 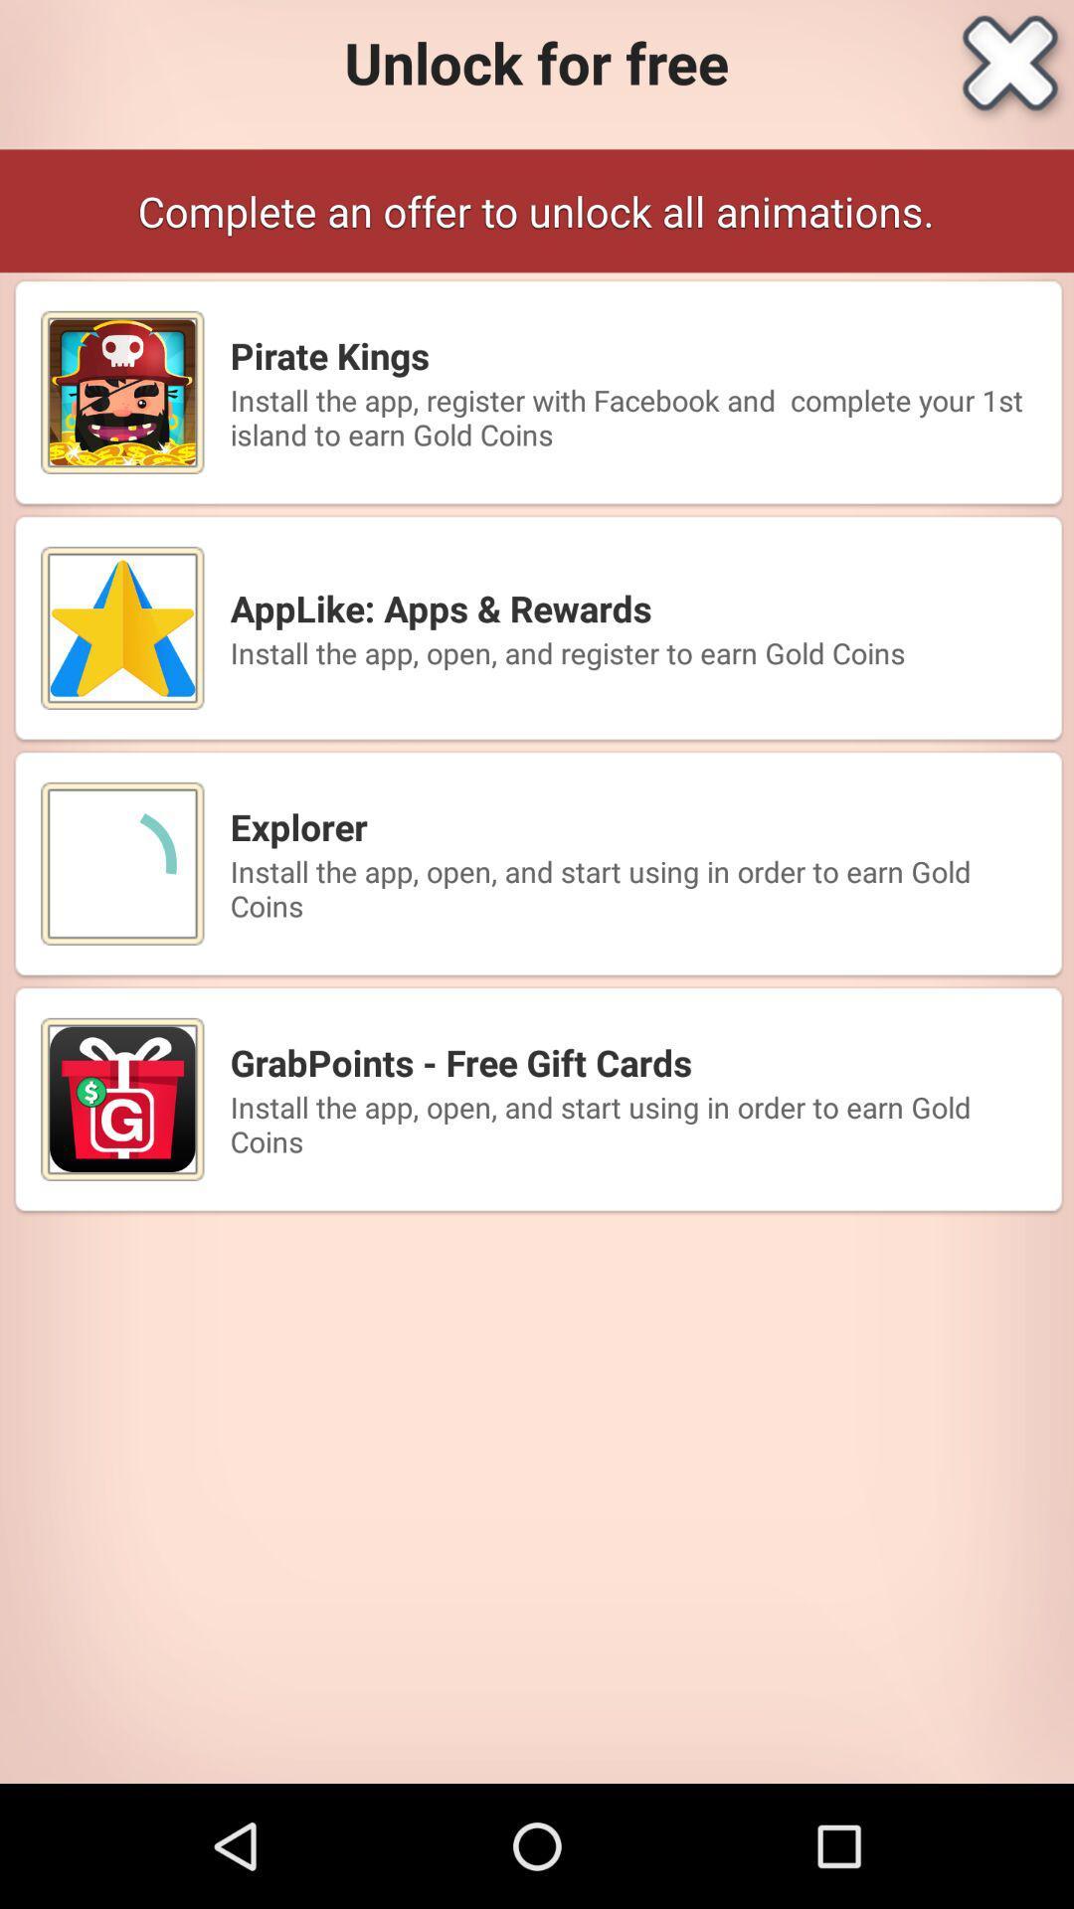 What do you see at coordinates (122, 627) in the screenshot?
I see `the second image` at bounding box center [122, 627].